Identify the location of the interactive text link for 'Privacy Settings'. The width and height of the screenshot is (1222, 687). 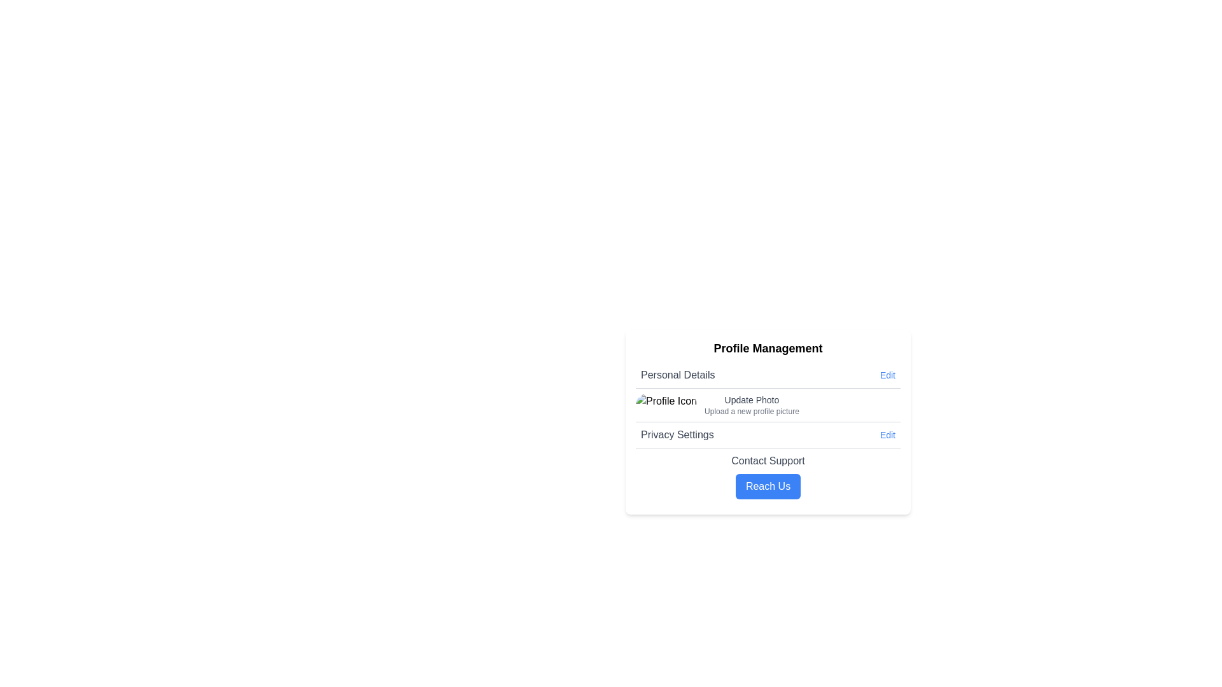
(887, 434).